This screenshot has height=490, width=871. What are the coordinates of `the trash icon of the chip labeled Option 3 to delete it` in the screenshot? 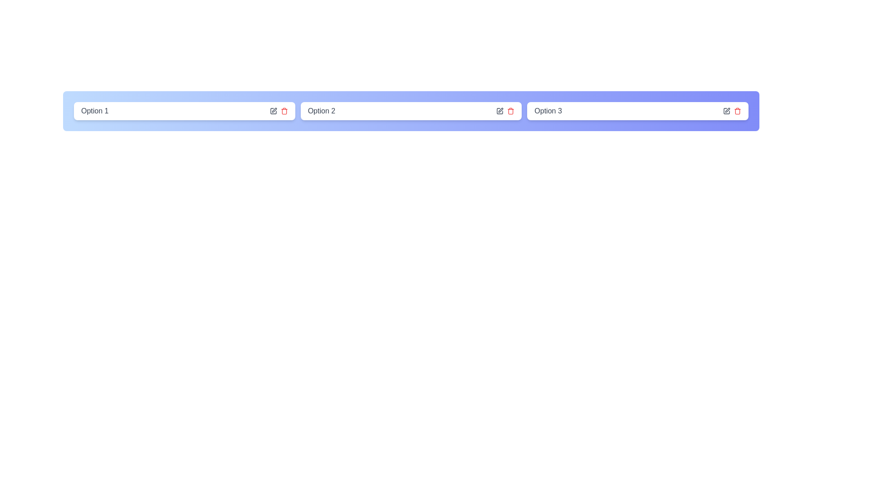 It's located at (738, 111).